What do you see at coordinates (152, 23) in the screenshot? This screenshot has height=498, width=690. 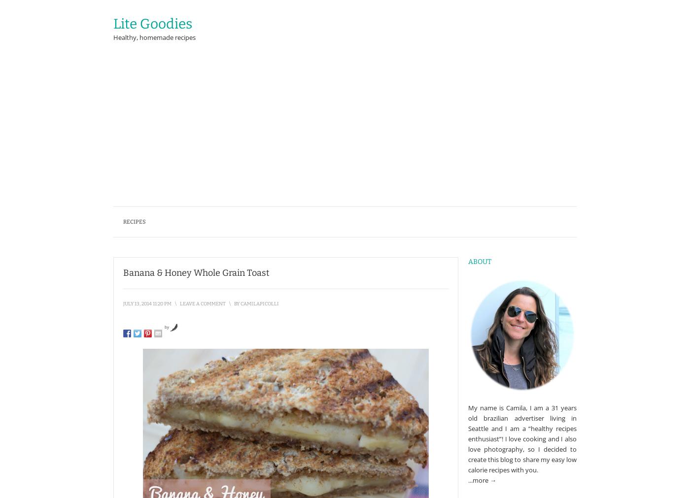 I see `'Lite Goodies'` at bounding box center [152, 23].